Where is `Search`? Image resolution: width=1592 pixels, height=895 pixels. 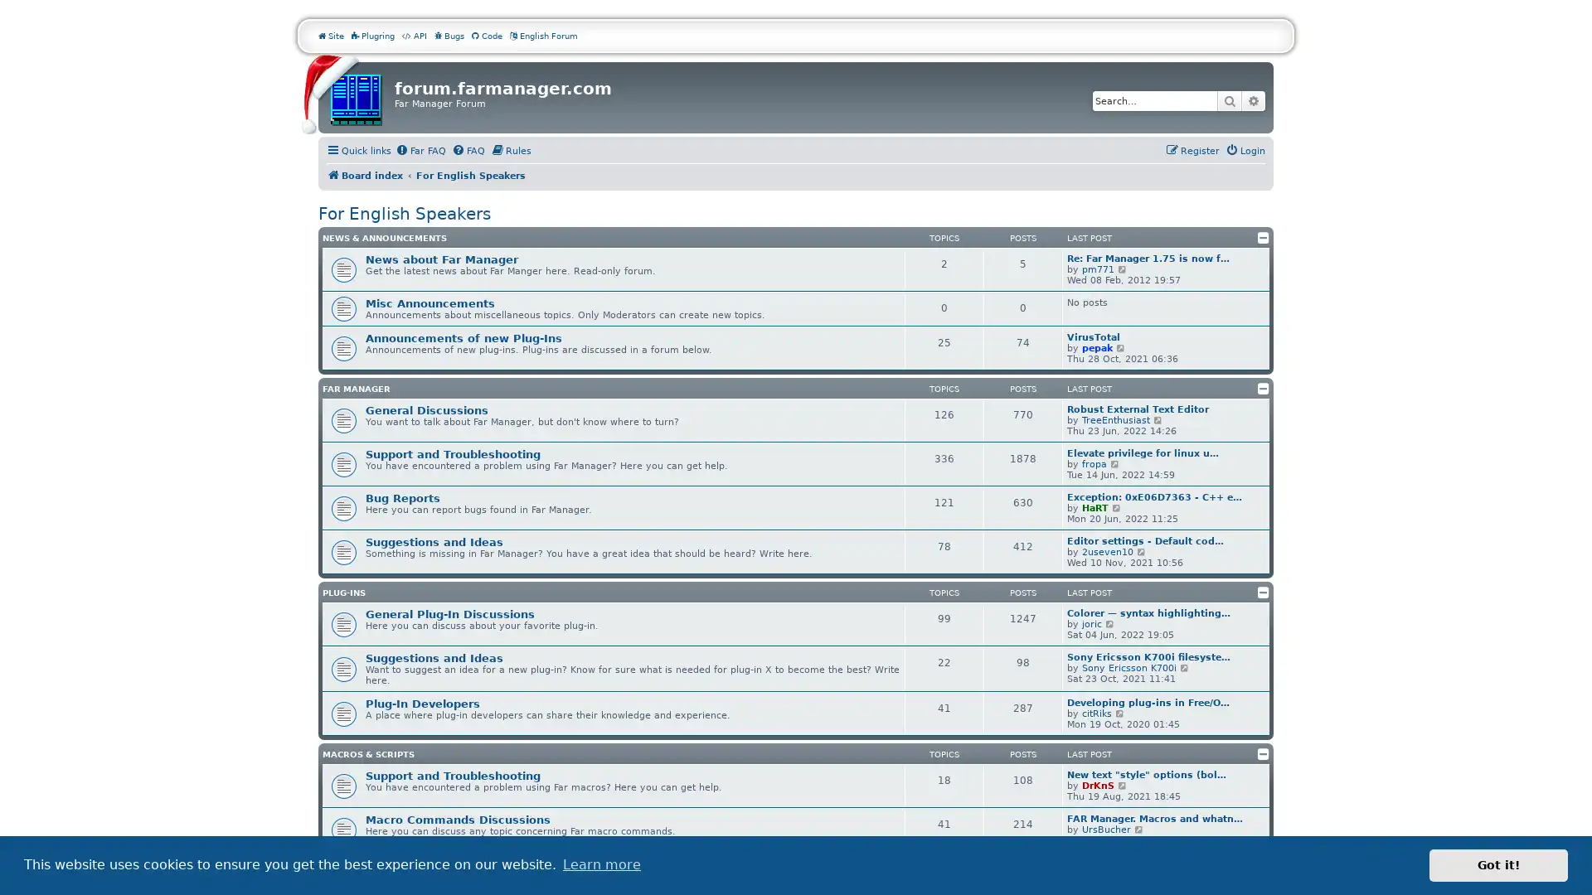
Search is located at coordinates (1230, 101).